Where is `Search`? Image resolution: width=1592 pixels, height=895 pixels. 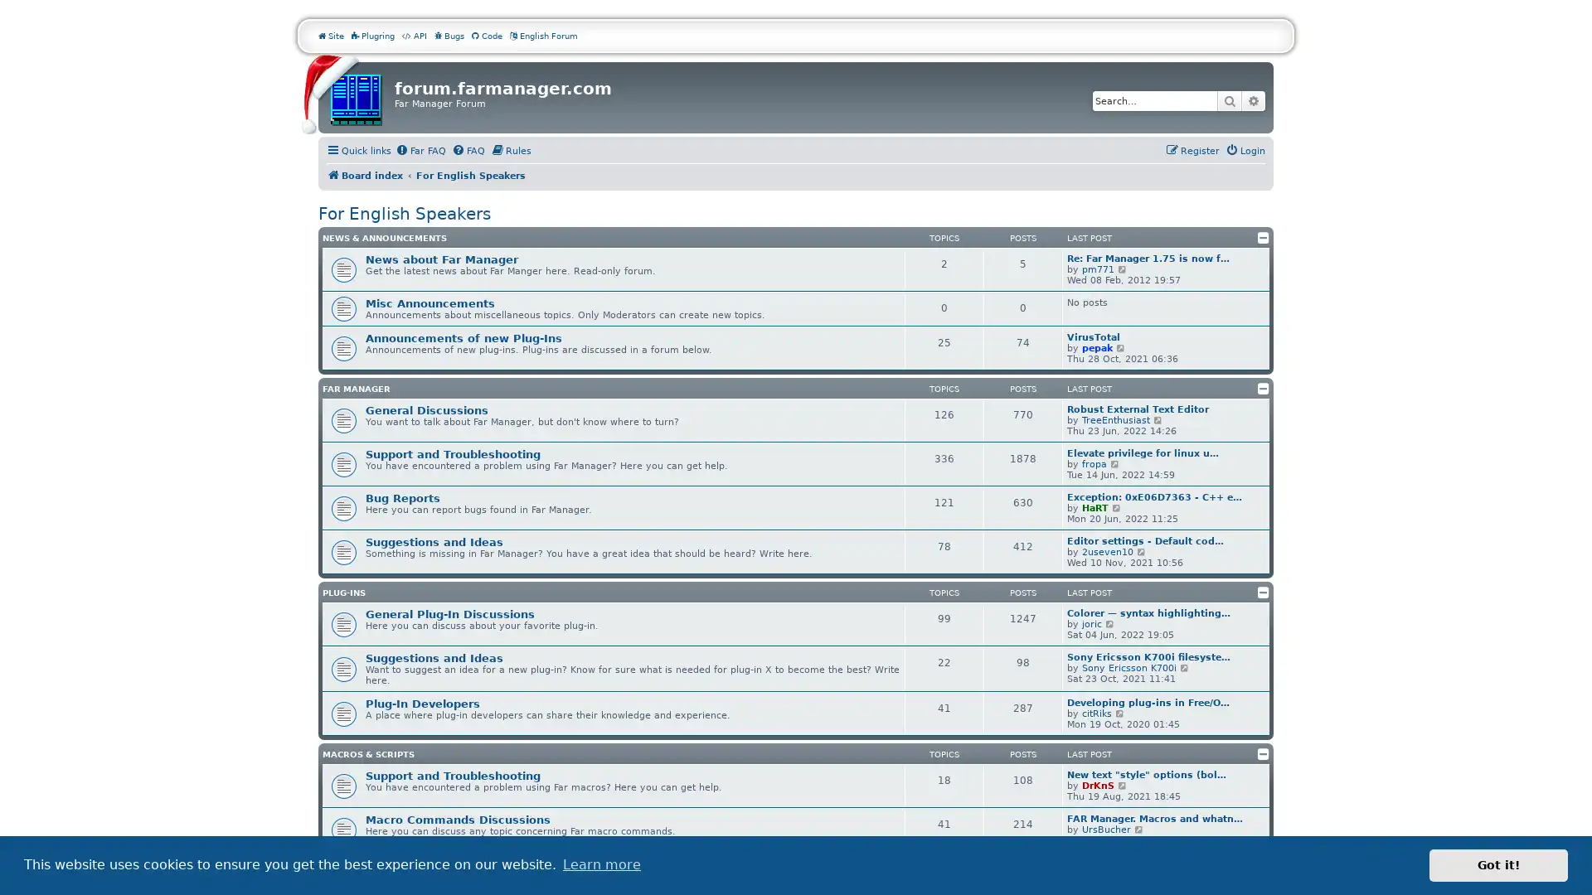
Search is located at coordinates (1230, 101).